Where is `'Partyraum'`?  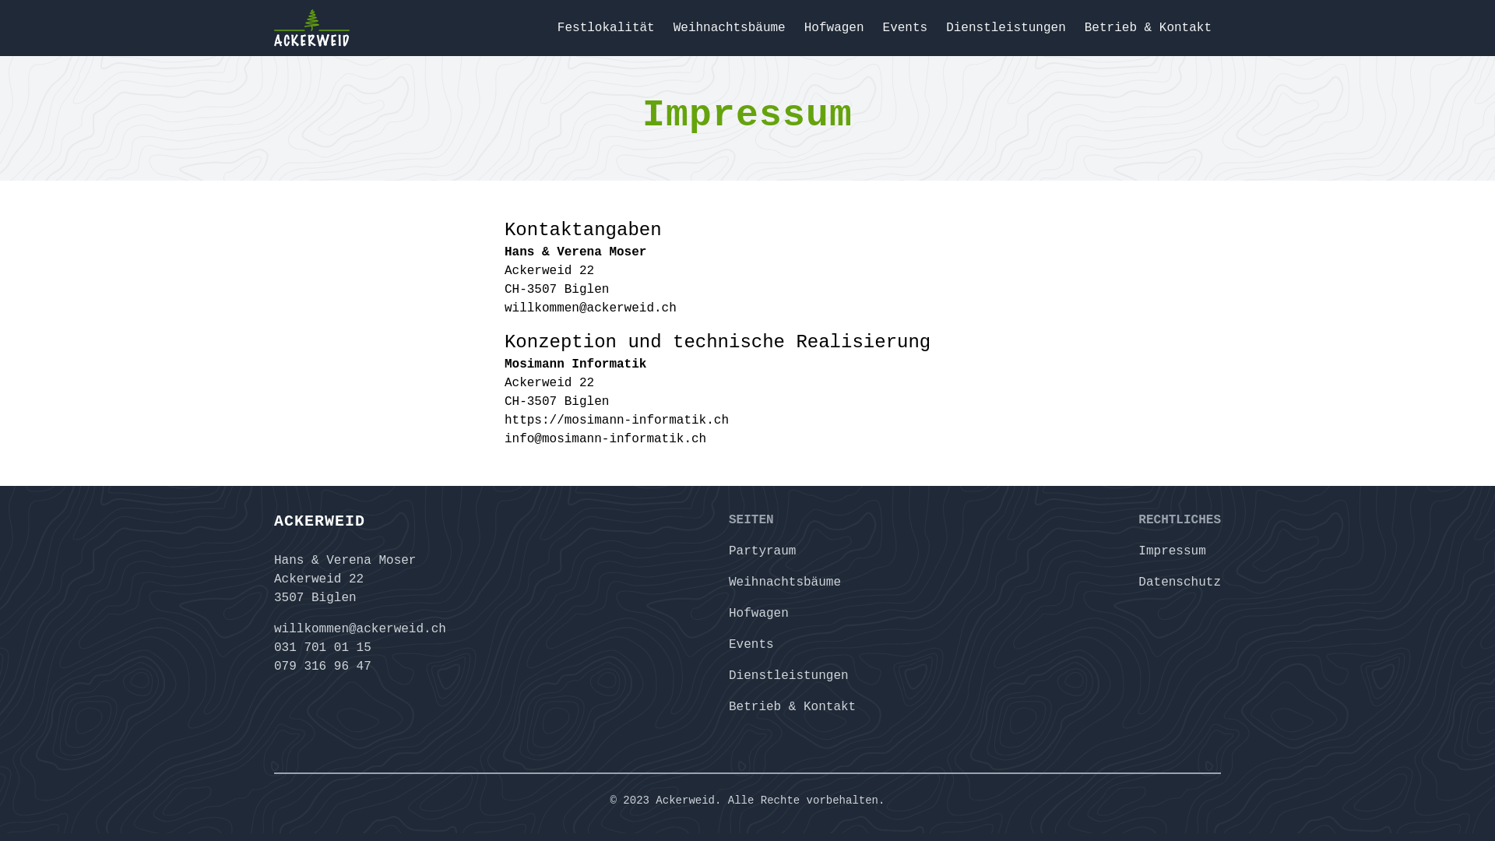
'Partyraum' is located at coordinates (728, 551).